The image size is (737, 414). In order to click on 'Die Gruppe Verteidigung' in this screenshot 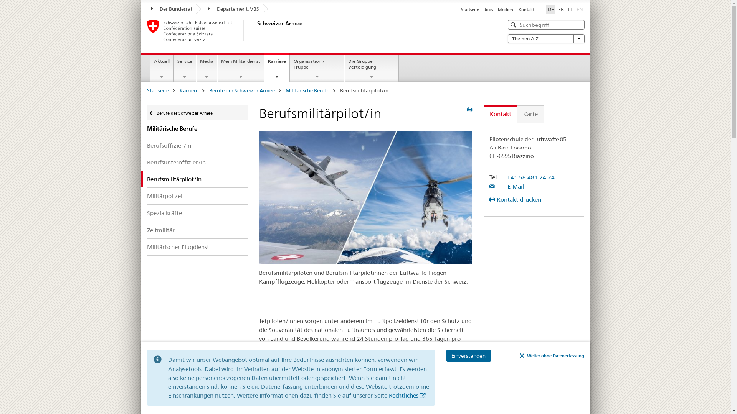, I will do `click(372, 67)`.